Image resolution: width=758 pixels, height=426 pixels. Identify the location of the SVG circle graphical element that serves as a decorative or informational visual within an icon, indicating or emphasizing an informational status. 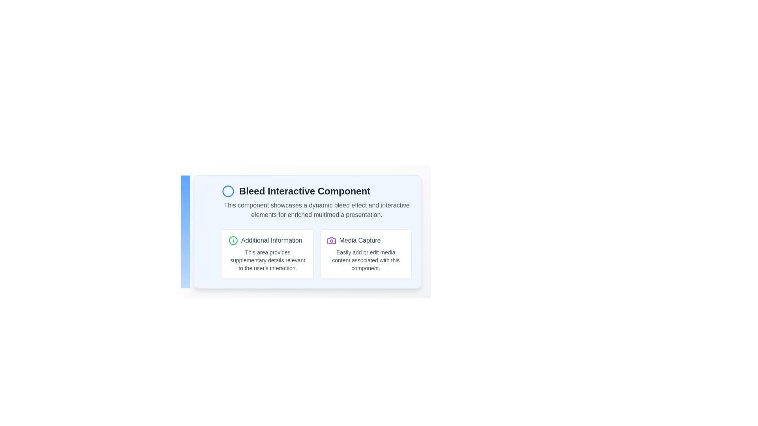
(233, 240).